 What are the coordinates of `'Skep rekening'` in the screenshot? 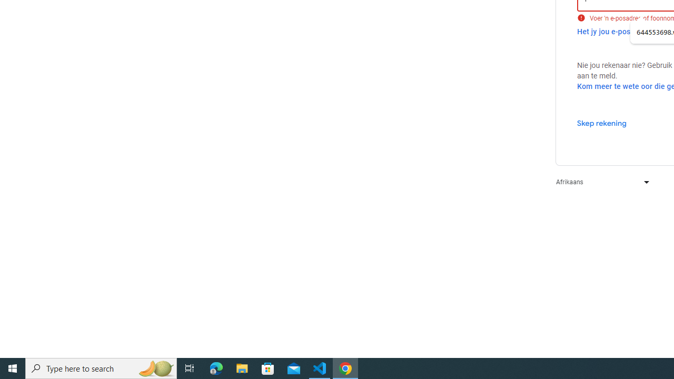 It's located at (601, 122).